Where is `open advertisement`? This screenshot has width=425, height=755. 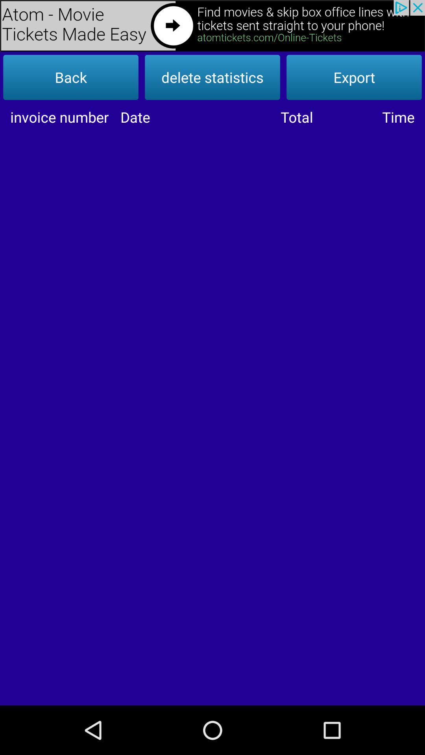
open advertisement is located at coordinates (213, 26).